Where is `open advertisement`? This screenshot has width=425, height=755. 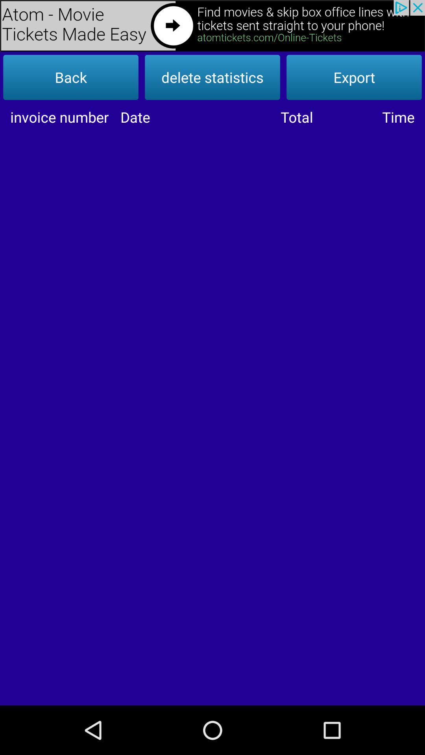
open advertisement is located at coordinates (213, 26).